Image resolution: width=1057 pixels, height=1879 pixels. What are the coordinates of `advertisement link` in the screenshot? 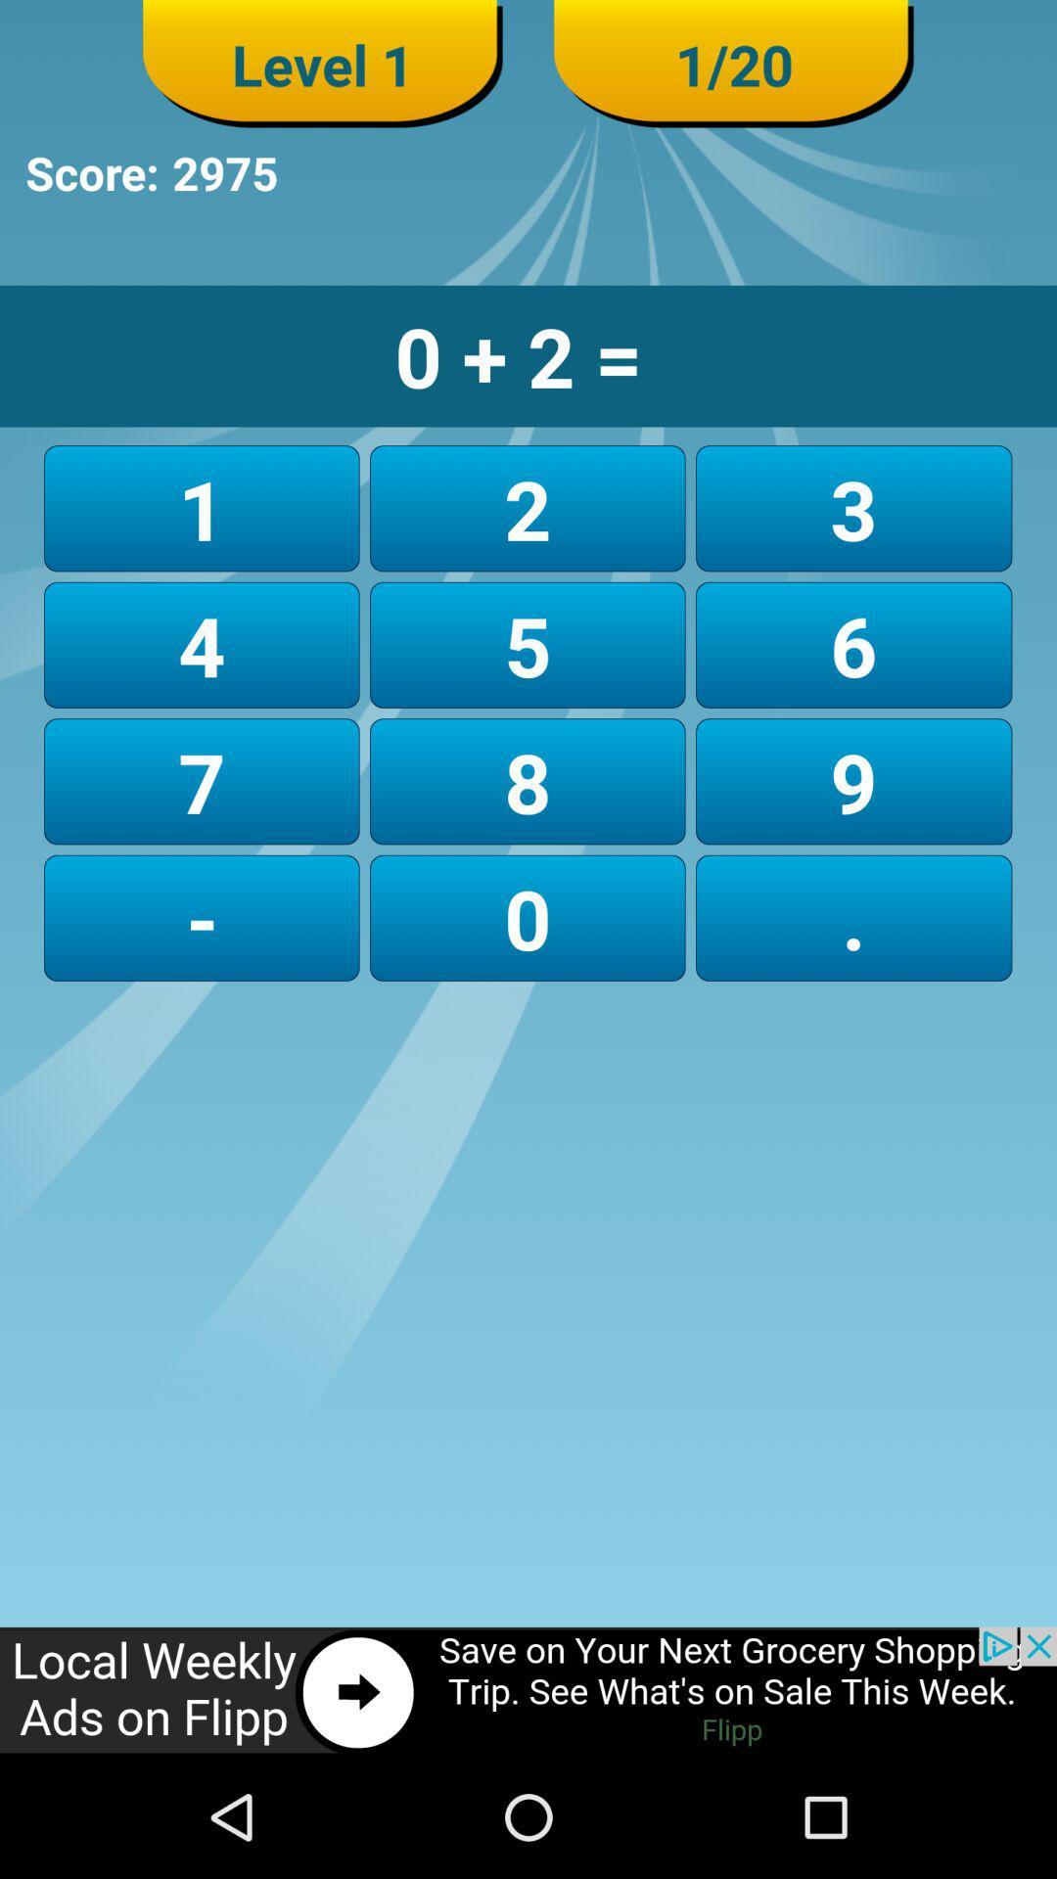 It's located at (528, 1690).